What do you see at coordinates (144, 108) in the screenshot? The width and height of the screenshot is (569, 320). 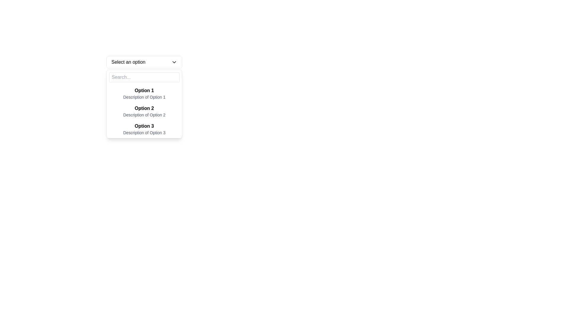 I see `the bolded title text of 'Option 2' within the dropdown menu` at bounding box center [144, 108].